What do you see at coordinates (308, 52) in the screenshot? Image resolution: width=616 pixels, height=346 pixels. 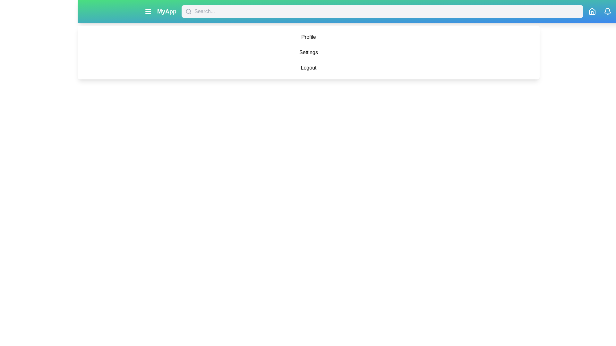 I see `the 'Settings' menu item in the navigation menu` at bounding box center [308, 52].